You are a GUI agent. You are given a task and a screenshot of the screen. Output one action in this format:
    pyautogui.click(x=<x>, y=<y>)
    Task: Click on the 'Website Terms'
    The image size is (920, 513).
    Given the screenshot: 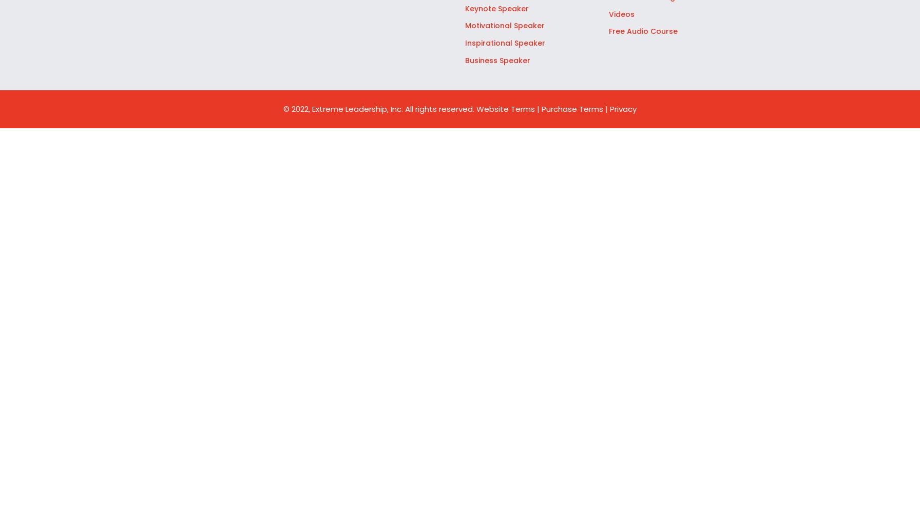 What is the action you would take?
    pyautogui.click(x=507, y=108)
    